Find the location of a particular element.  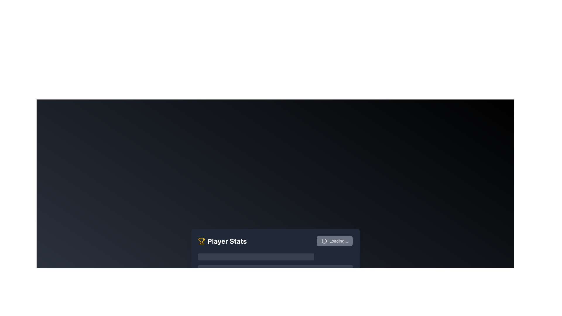

the rectangular button with rounded borders and a gray background that displays 'Loading...' is located at coordinates (335, 241).